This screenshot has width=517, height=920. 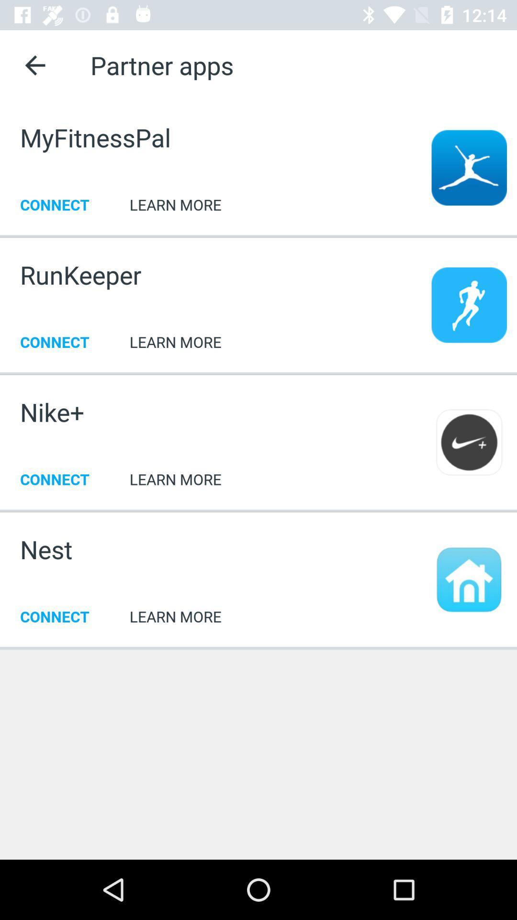 What do you see at coordinates (258, 510) in the screenshot?
I see `the icon above nest` at bounding box center [258, 510].